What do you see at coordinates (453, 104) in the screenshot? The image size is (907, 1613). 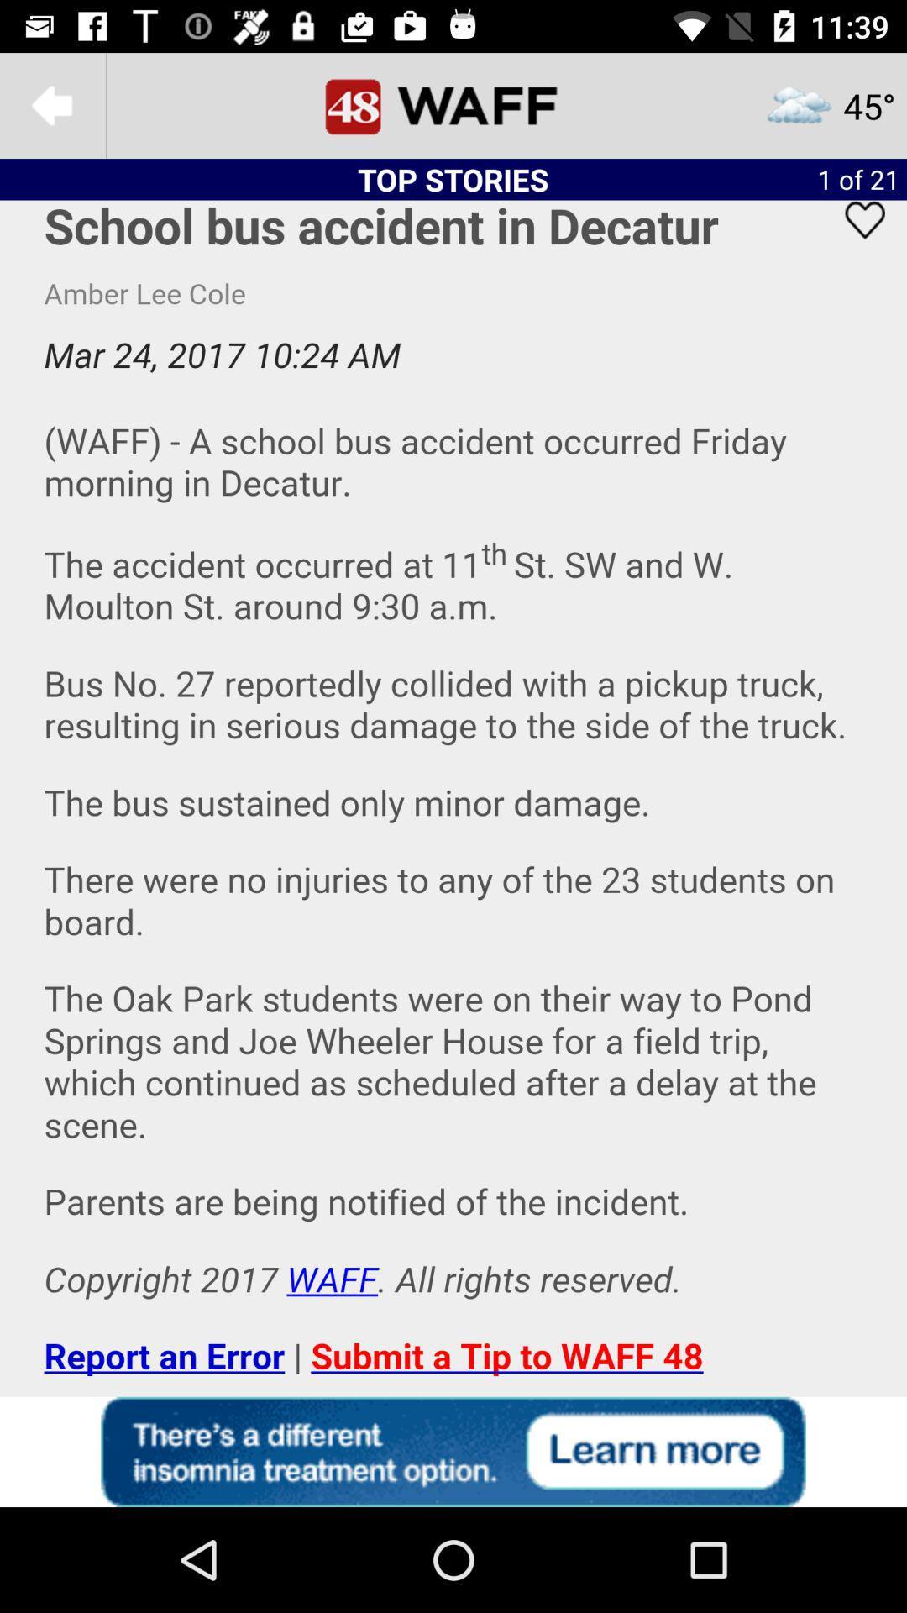 I see `homepage` at bounding box center [453, 104].